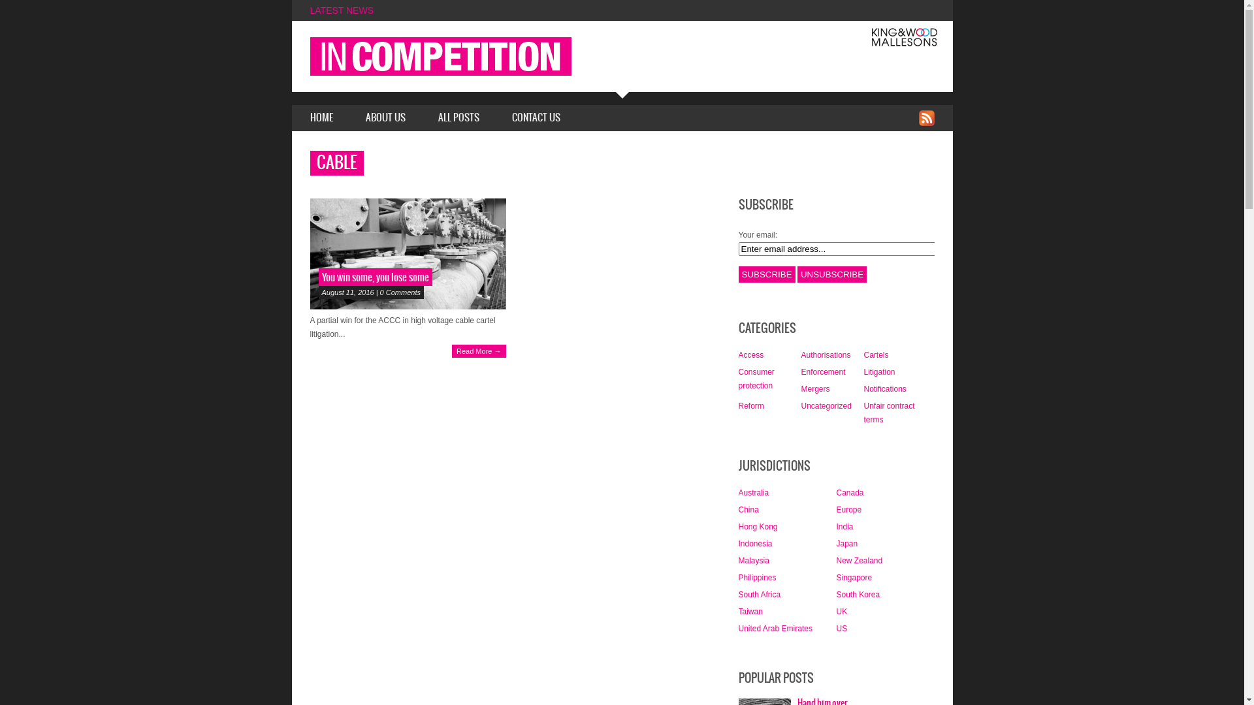 The width and height of the screenshot is (1254, 705). Describe the element at coordinates (884, 388) in the screenshot. I see `'Notifications'` at that location.